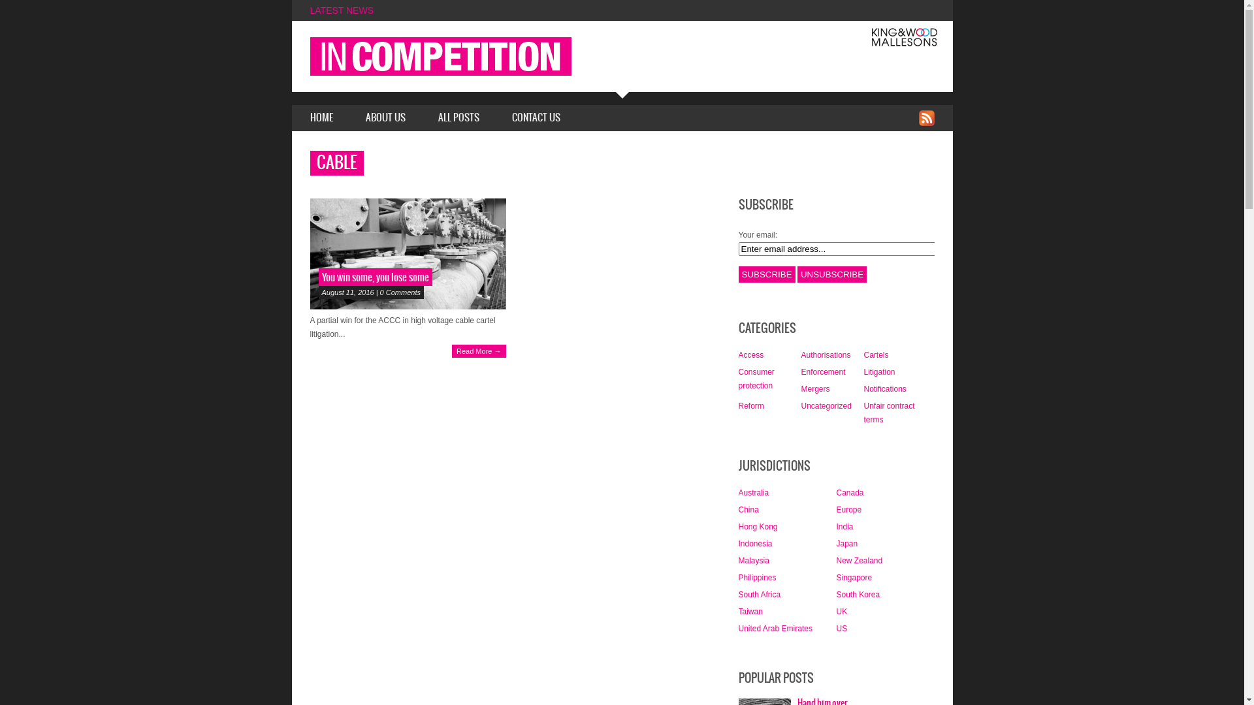 The width and height of the screenshot is (1254, 705). Describe the element at coordinates (884, 388) in the screenshot. I see `'Notifications'` at that location.